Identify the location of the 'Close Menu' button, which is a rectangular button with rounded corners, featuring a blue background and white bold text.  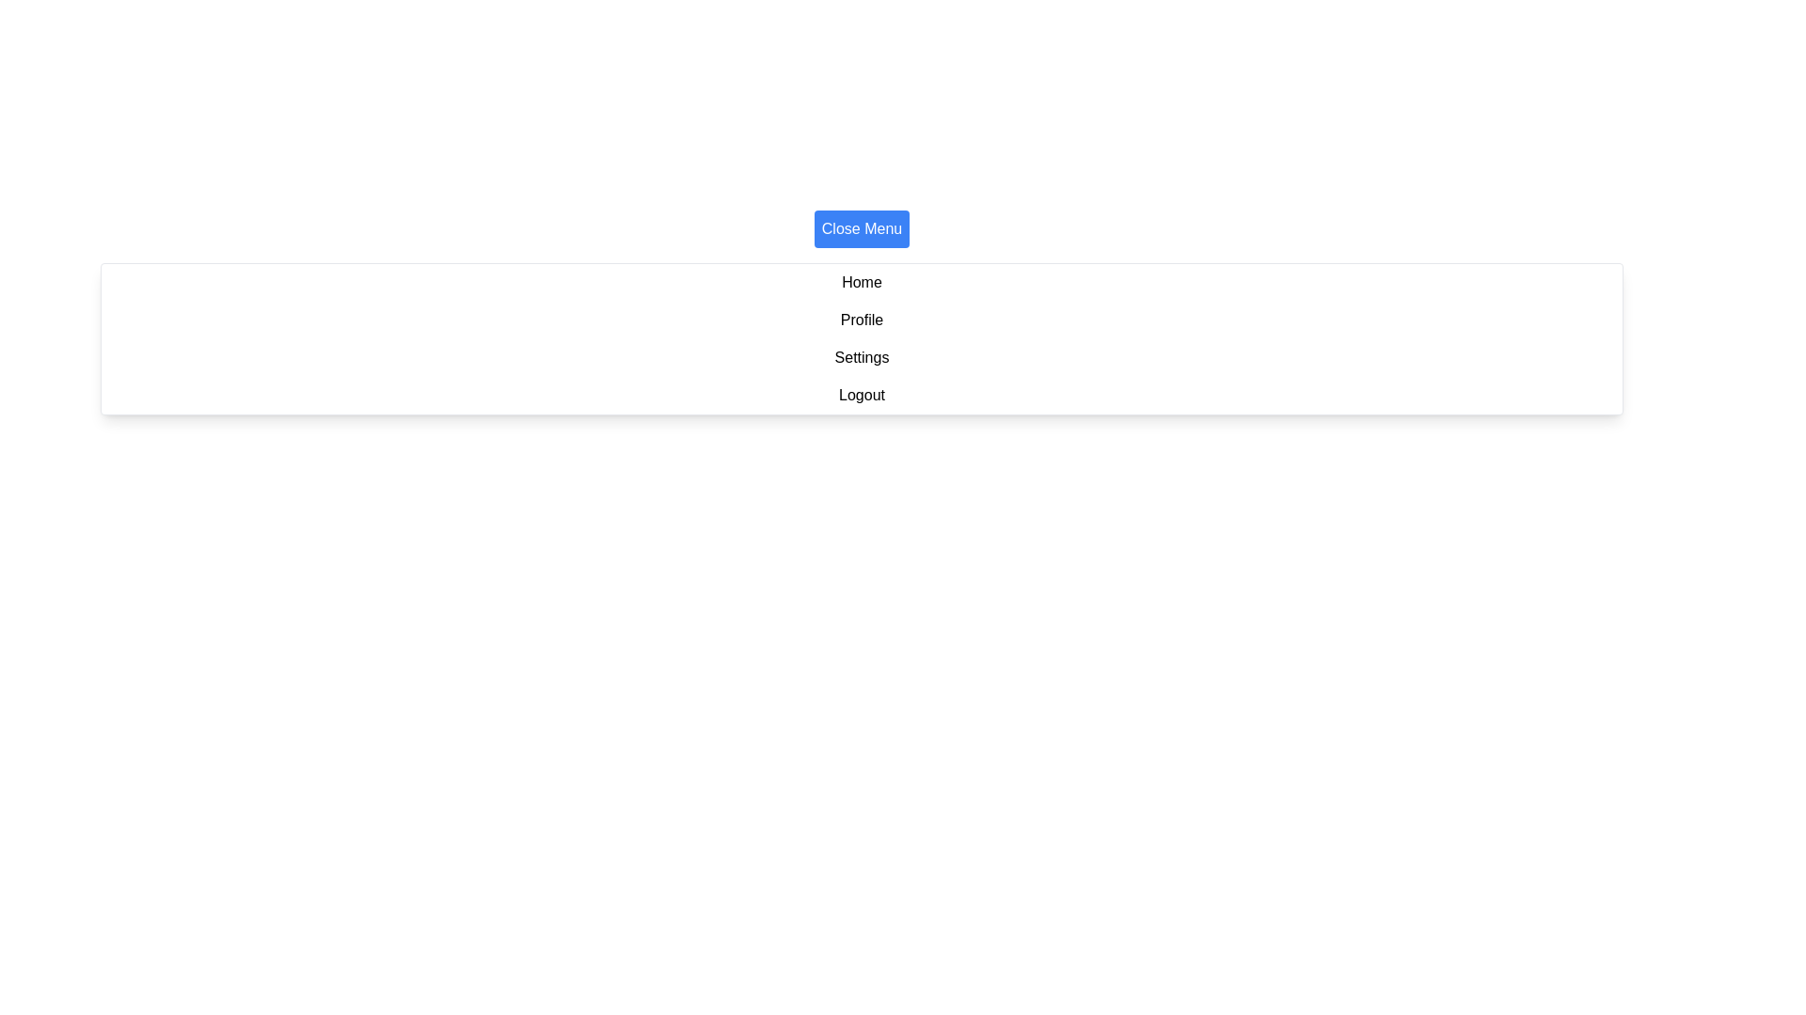
(861, 227).